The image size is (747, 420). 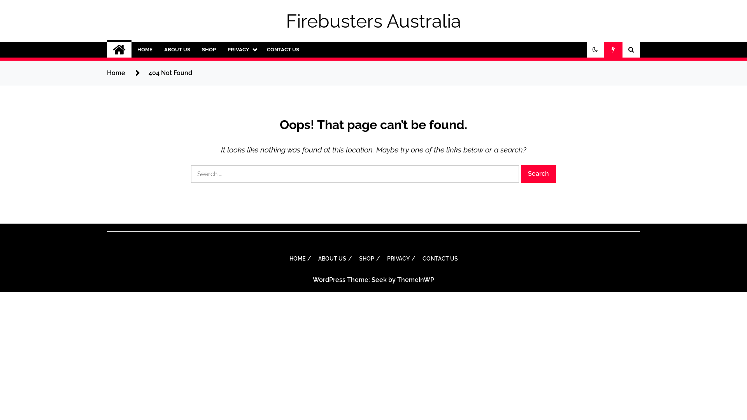 I want to click on 'PRIVACY', so click(x=241, y=49).